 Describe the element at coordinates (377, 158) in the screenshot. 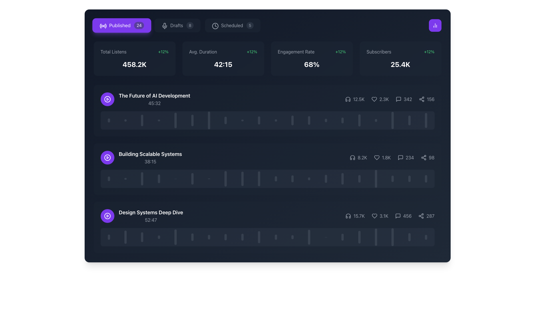

I see `the heart-shaped icon located near the text '1.8K' in the interaction bar for the content entry titled 'Building Scalable Systems' to like or unlike the content` at that location.